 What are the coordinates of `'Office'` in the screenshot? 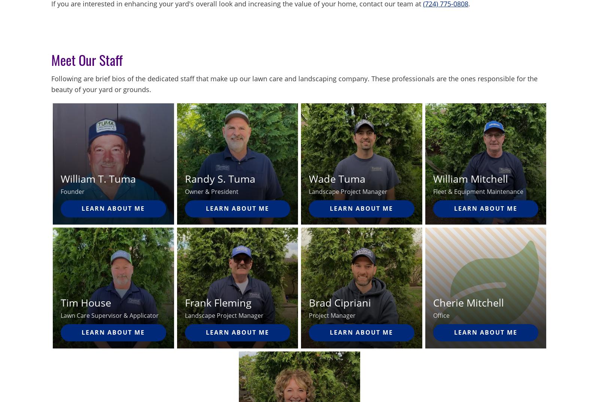 It's located at (433, 315).